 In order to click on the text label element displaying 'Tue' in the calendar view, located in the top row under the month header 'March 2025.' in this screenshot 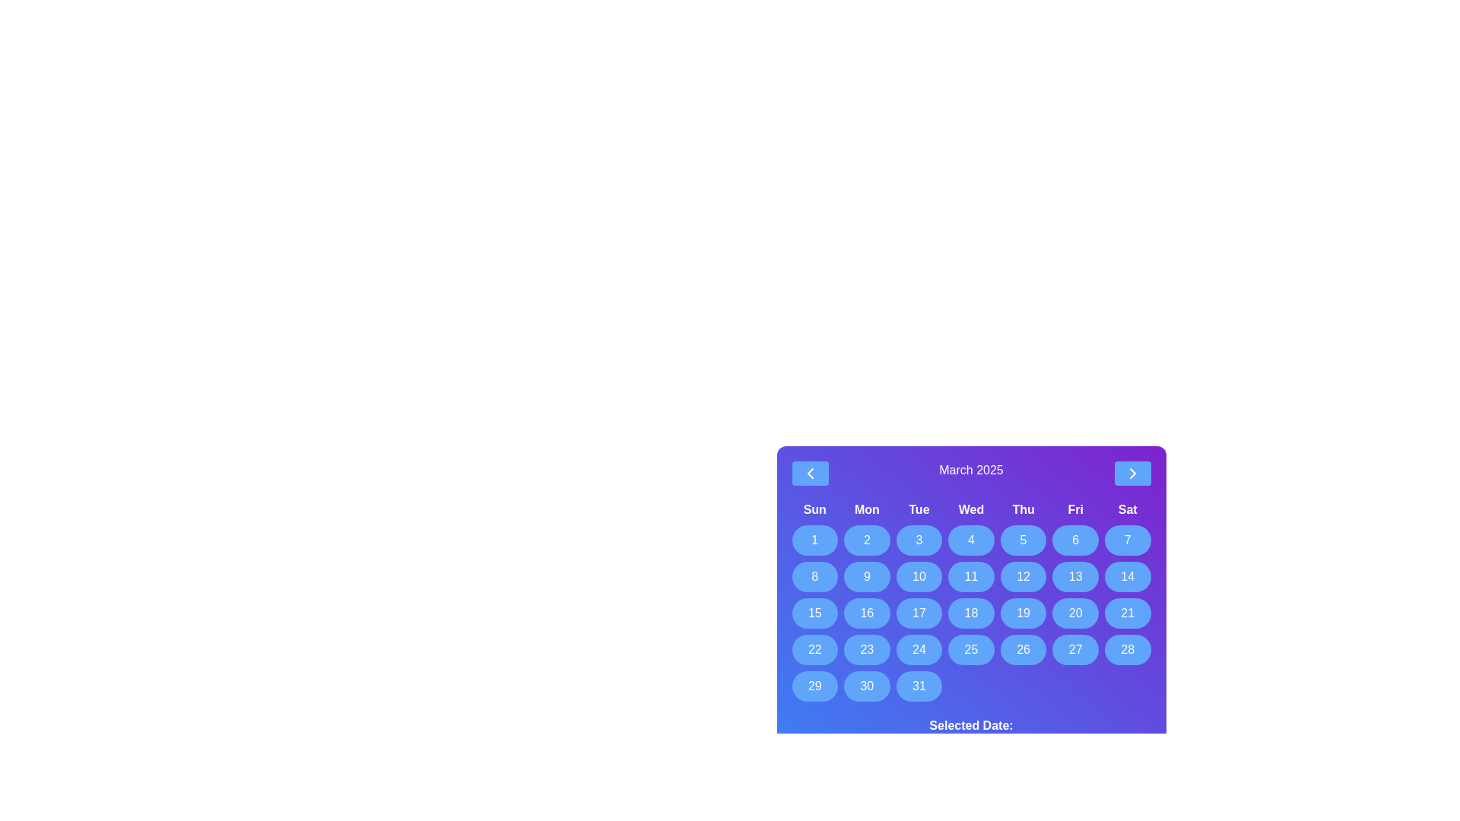, I will do `click(918, 510)`.